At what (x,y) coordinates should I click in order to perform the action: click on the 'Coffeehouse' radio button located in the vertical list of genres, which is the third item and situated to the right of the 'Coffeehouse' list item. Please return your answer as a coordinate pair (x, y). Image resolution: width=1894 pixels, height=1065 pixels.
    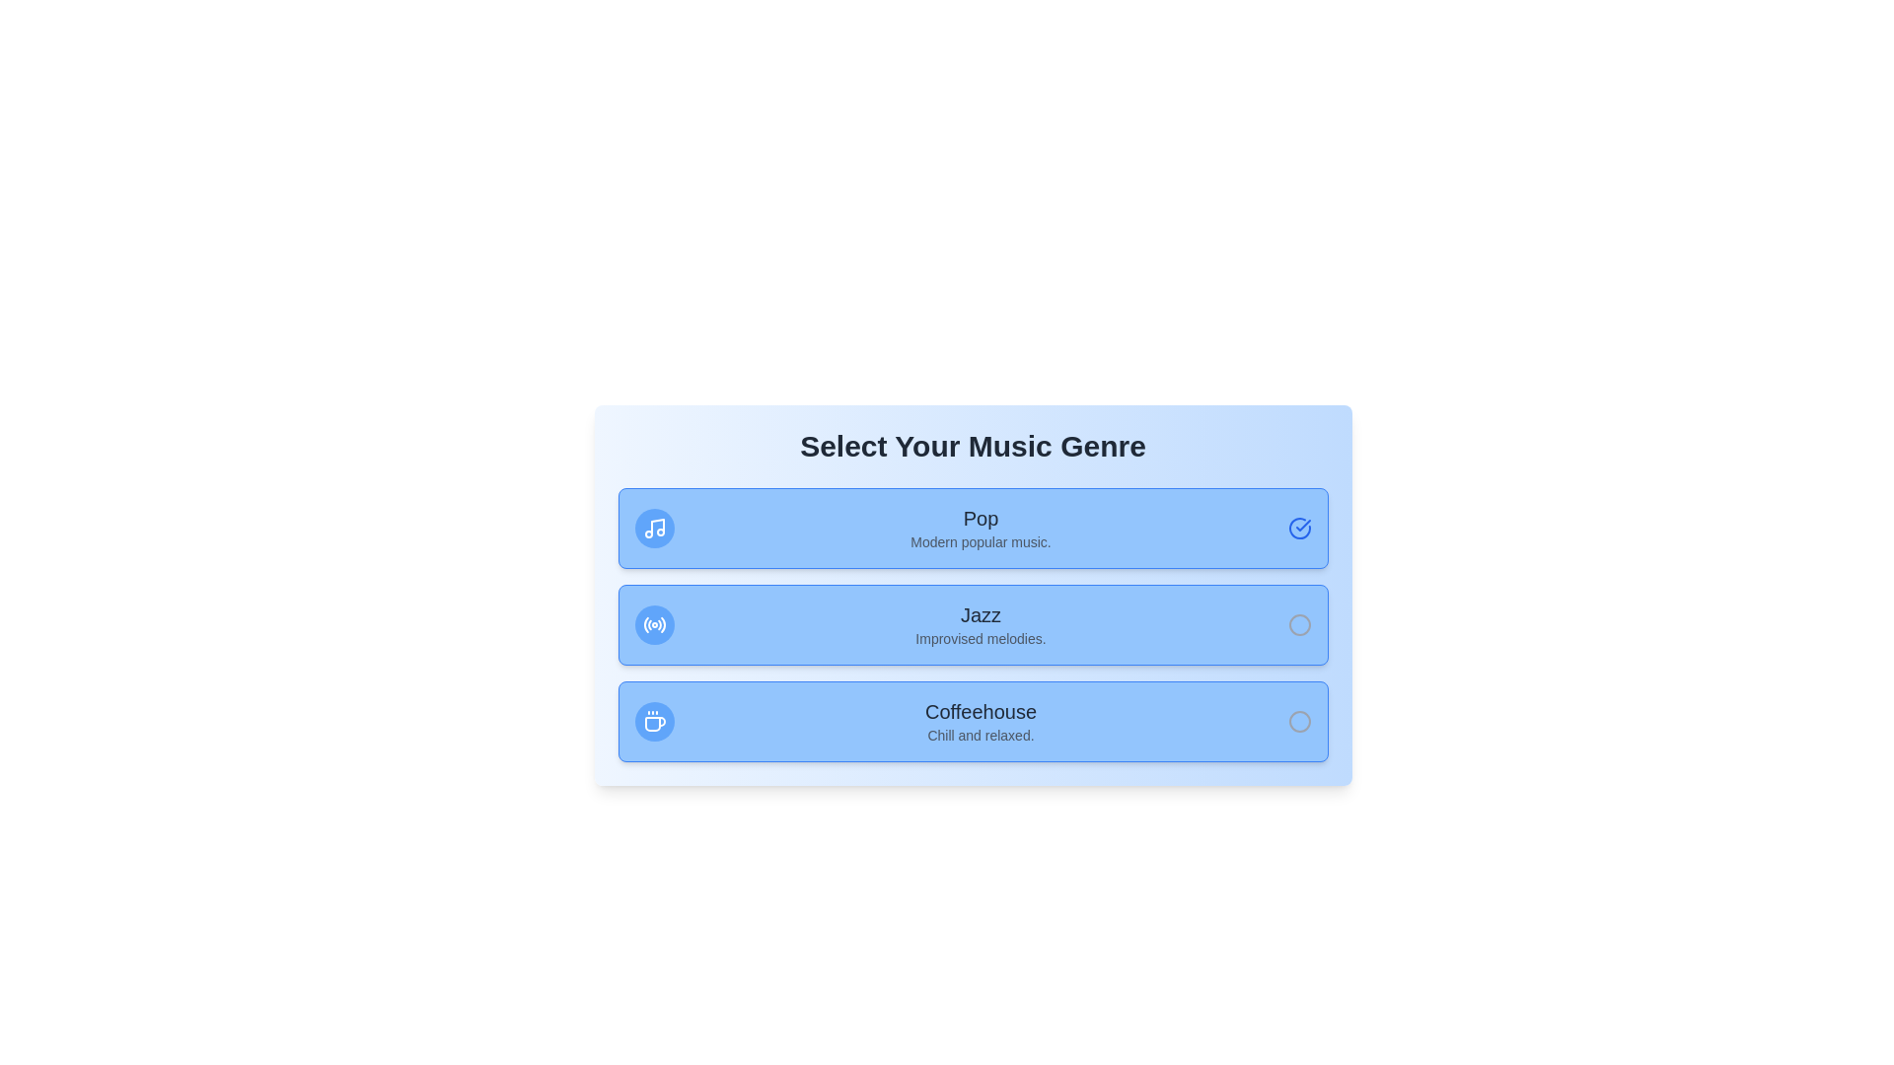
    Looking at the image, I should click on (1299, 722).